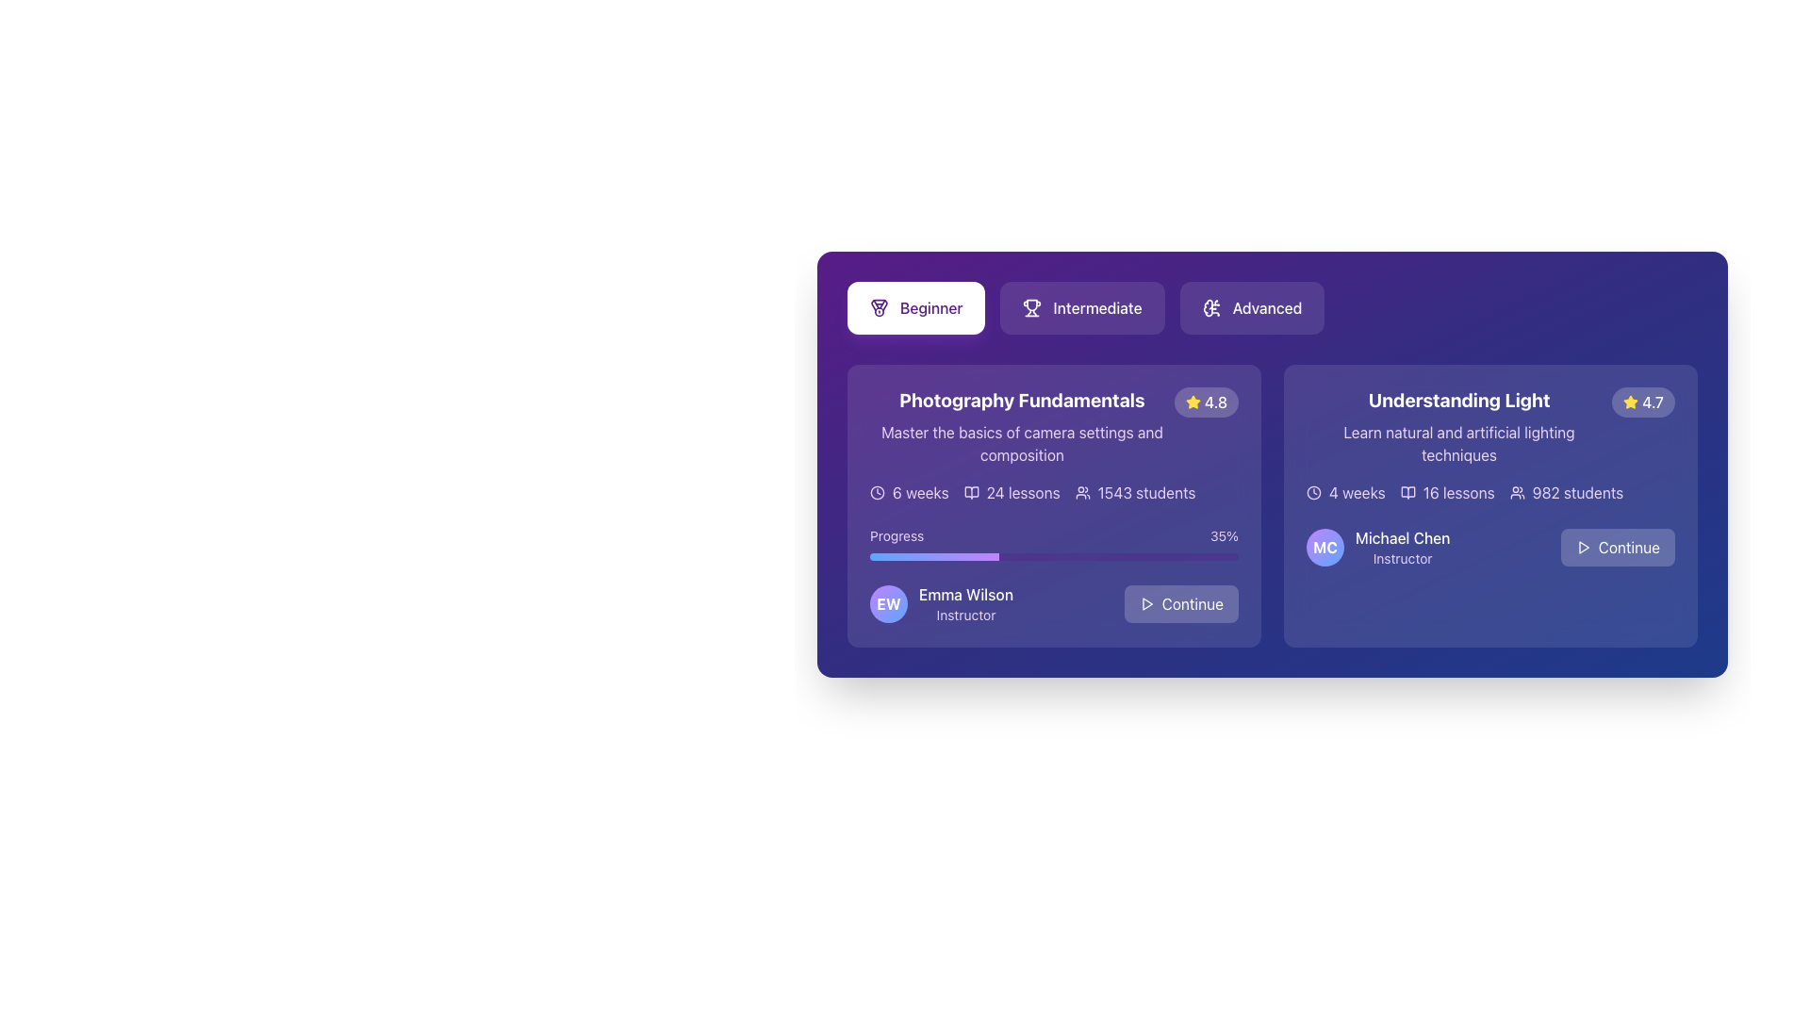  What do you see at coordinates (1403, 558) in the screenshot?
I see `the label displaying 'Instructor', which is located directly beneath the bold text 'Michael Chen' in the rightmost course card` at bounding box center [1403, 558].